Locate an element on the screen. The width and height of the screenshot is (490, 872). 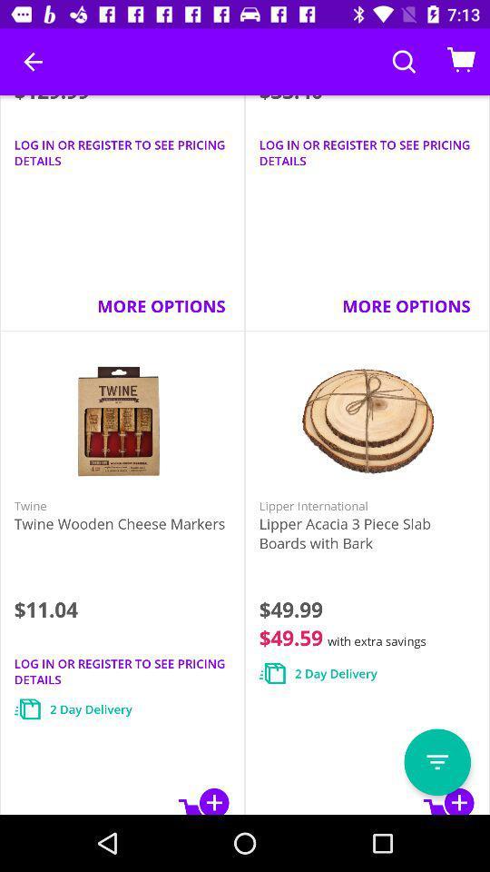
the icon to the left of the $33.40 item is located at coordinates (33, 62).